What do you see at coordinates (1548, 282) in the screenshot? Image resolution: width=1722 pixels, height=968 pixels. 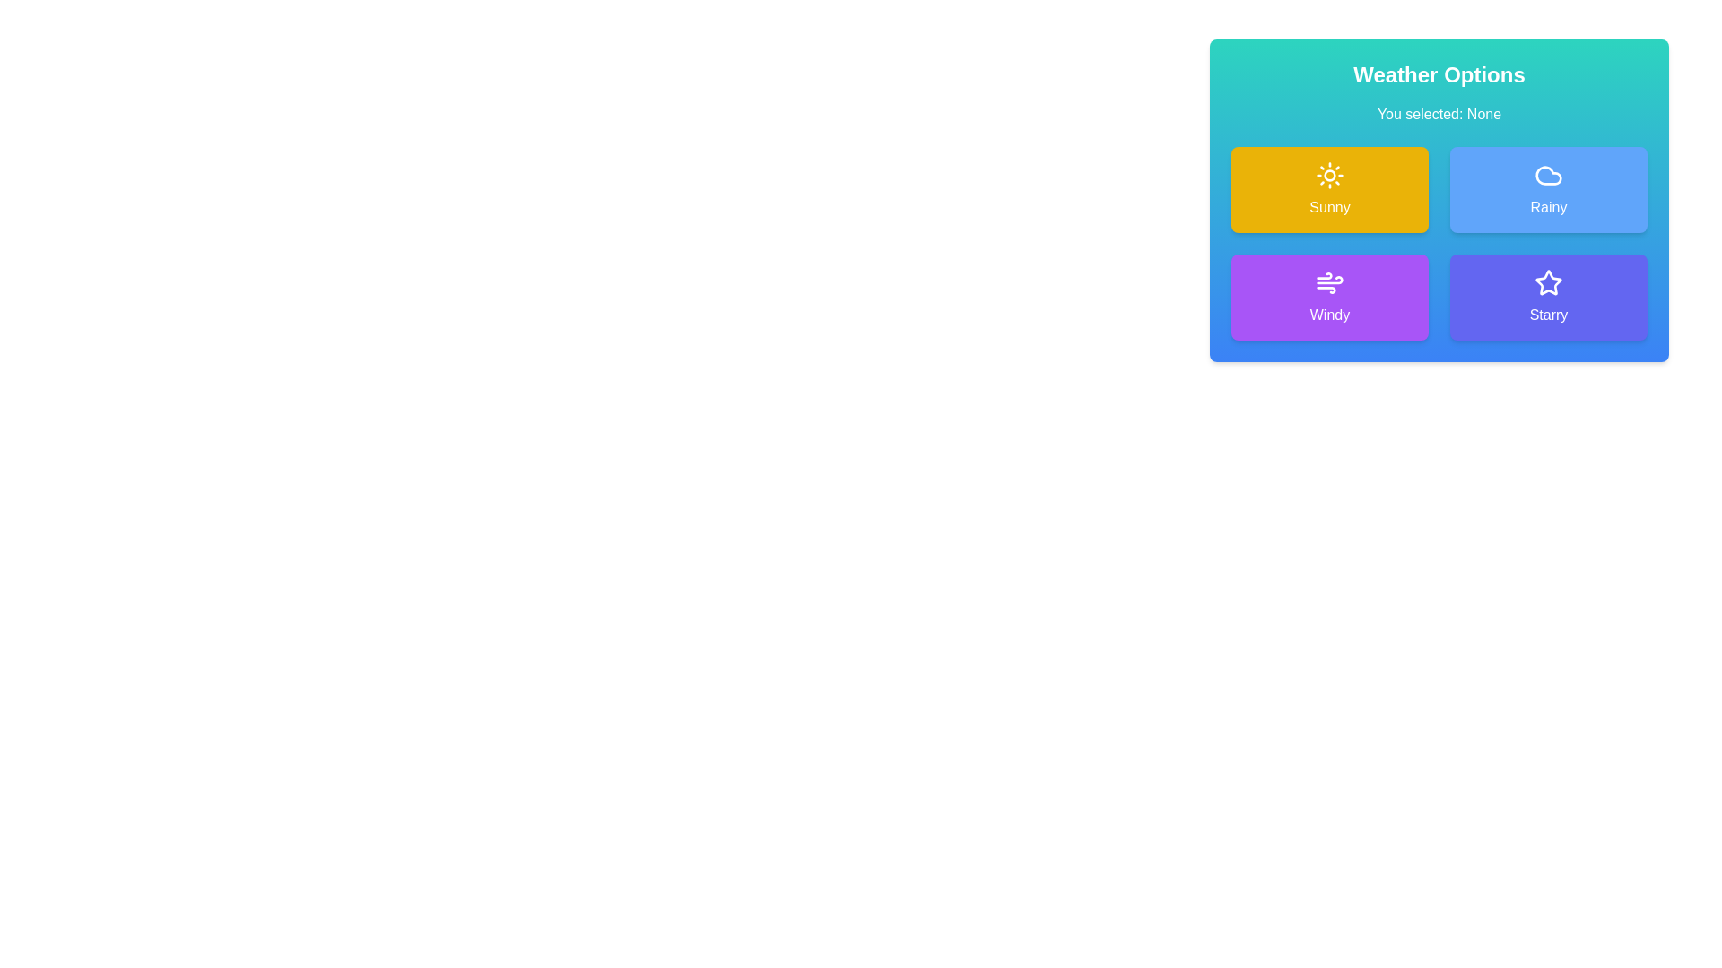 I see `the 'Starry' icon located within the 'Starry' button in the bottom-right corner of the grid layout, which indicates the selection for the 'Starry' weather option` at bounding box center [1548, 282].